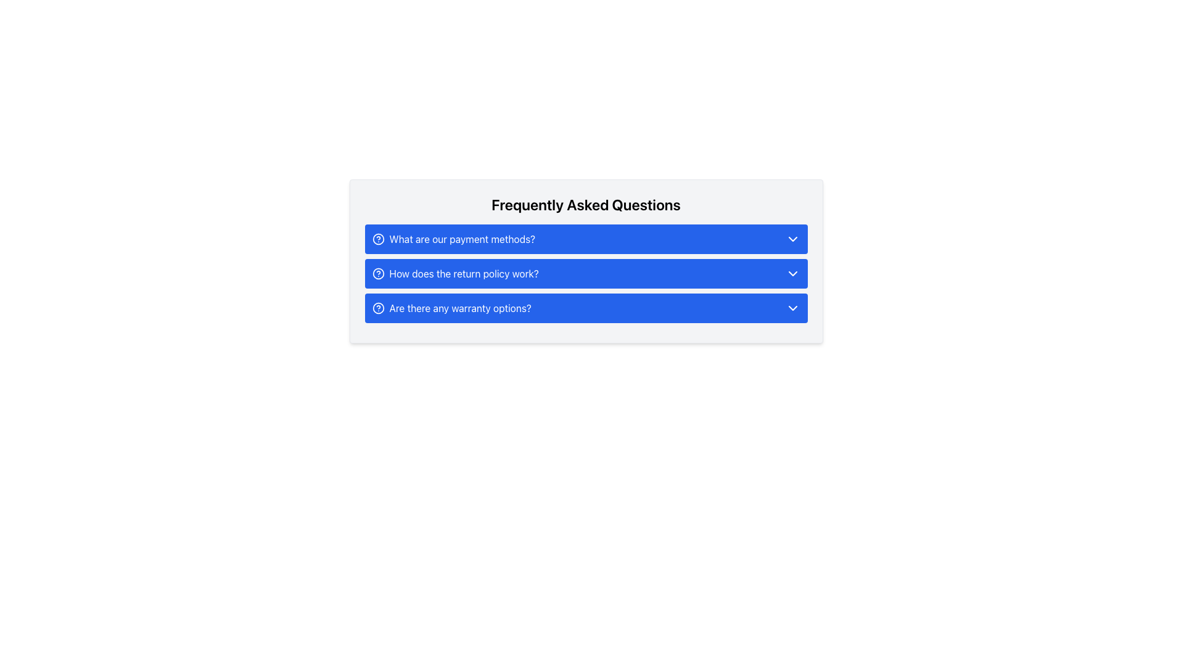 This screenshot has height=666, width=1184. Describe the element at coordinates (792, 308) in the screenshot. I see `the toggle icon for the FAQ section labeled 'Are there any warranty options?'` at that location.